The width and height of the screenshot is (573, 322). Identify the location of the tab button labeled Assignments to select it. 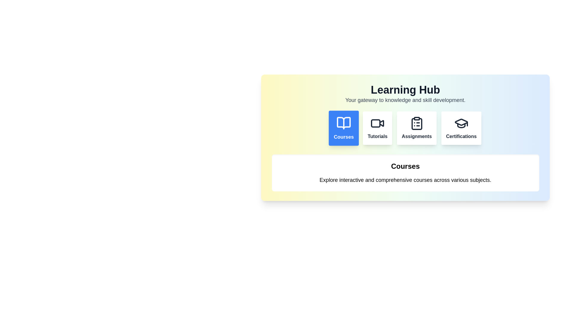
(416, 128).